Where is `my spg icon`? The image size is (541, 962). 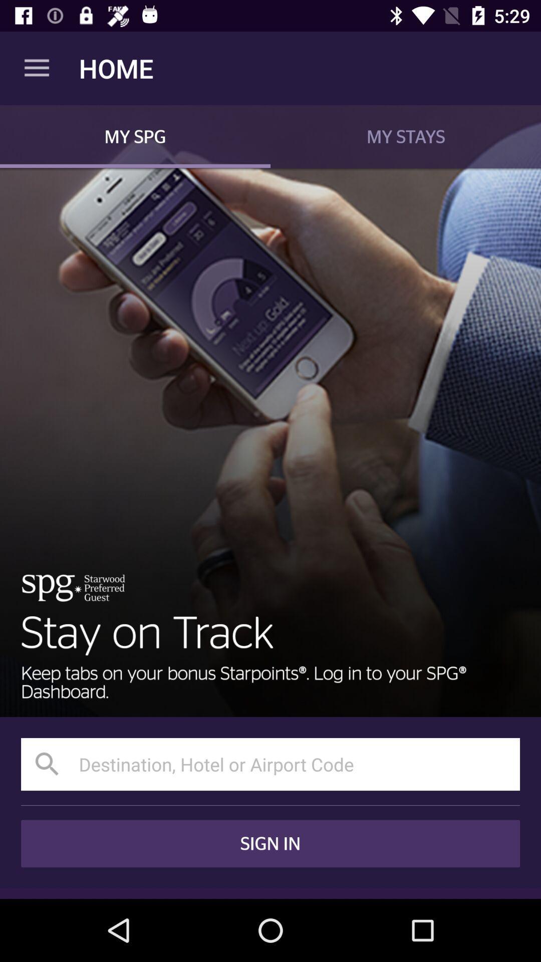
my spg icon is located at coordinates (135, 136).